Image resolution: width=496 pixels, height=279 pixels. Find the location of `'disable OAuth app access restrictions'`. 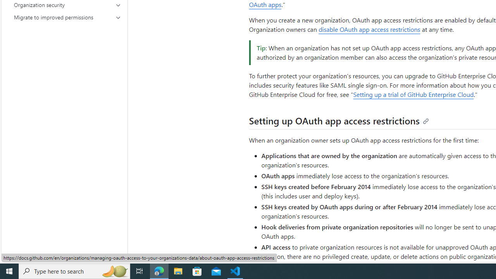

'disable OAuth app access restrictions' is located at coordinates (369, 29).